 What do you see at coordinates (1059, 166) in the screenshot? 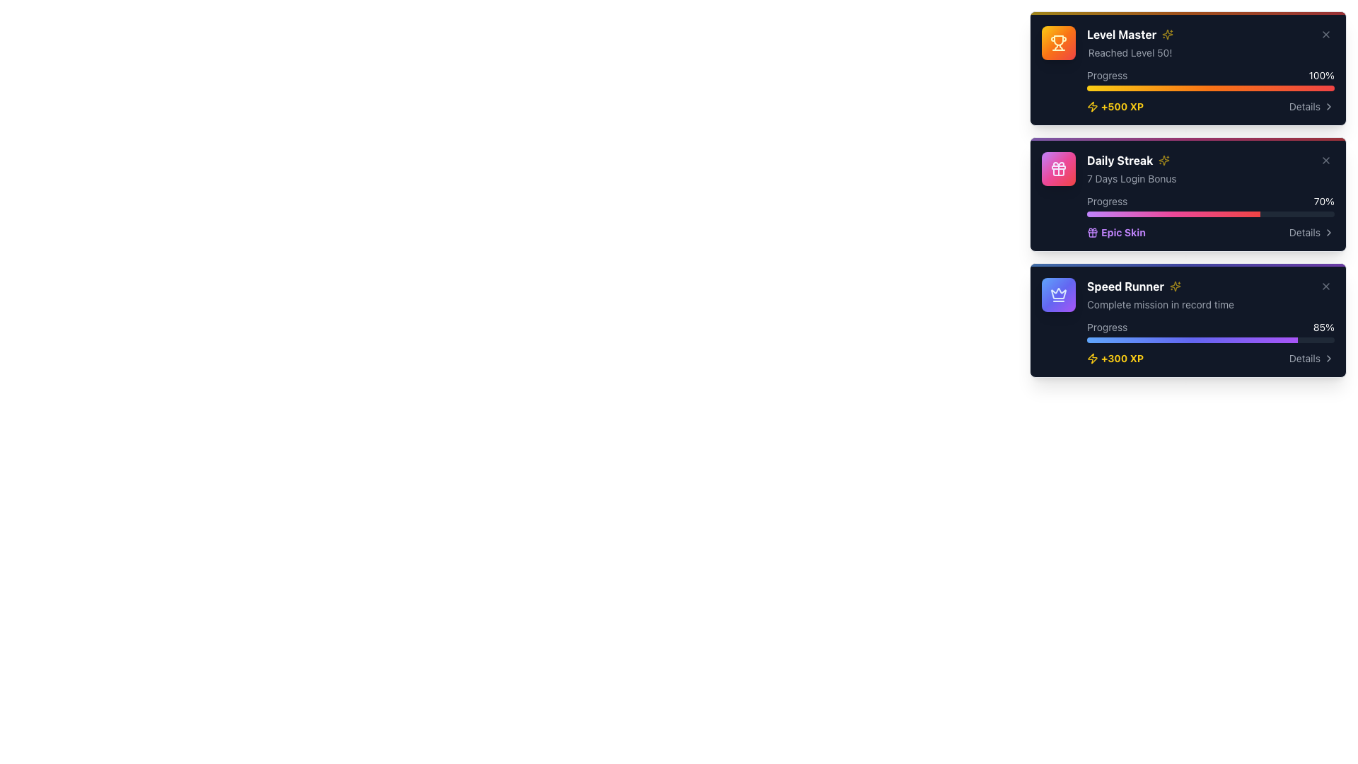
I see `the Decorative Rectangle element within the gift icon, located at the top portion of the icon area, which is part of a larger grouping of reward badges` at bounding box center [1059, 166].